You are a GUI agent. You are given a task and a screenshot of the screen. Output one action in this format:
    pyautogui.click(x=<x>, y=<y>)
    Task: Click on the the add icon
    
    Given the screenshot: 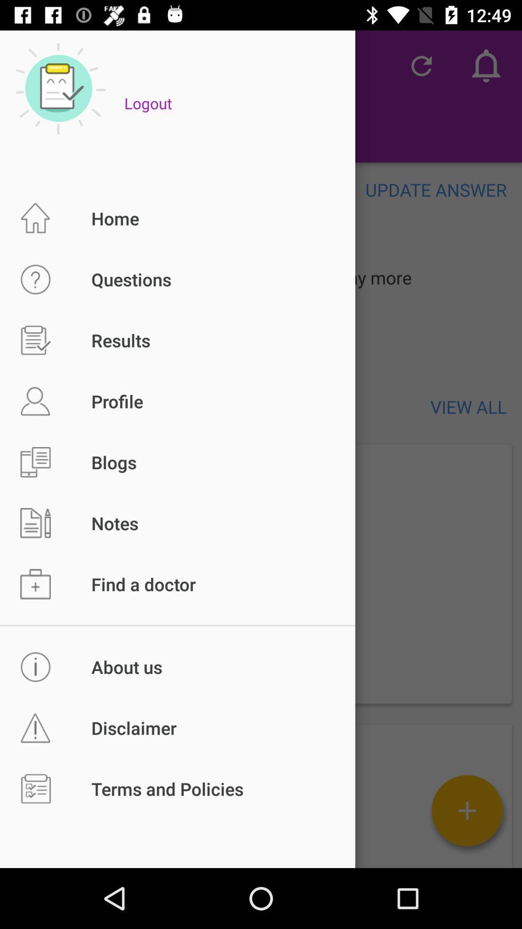 What is the action you would take?
    pyautogui.click(x=466, y=810)
    